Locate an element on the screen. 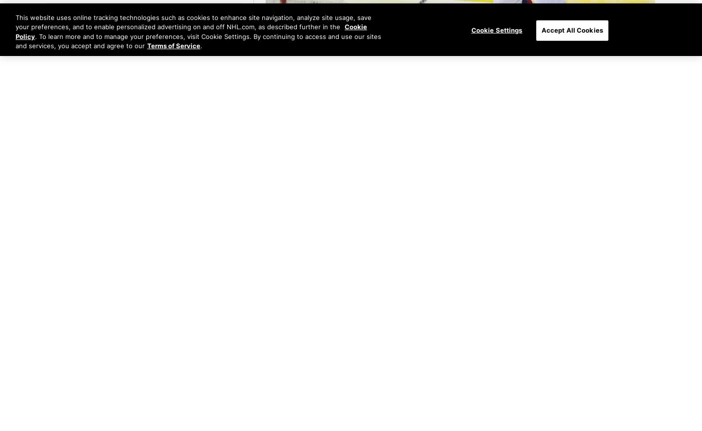 This screenshot has width=702, height=431. 'Nov 14, 2023' is located at coordinates (116, 339).